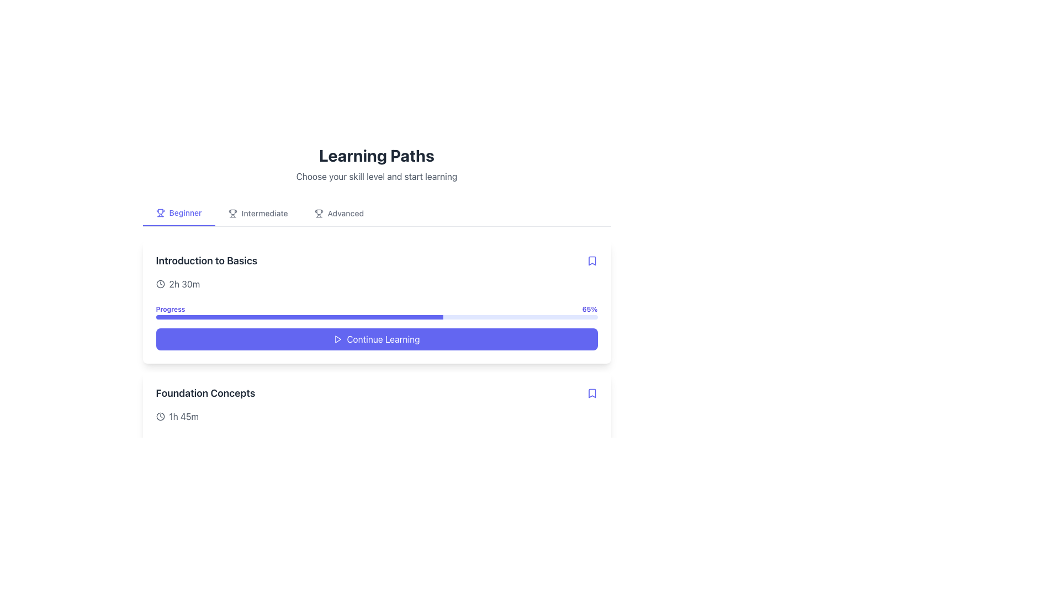 Image resolution: width=1060 pixels, height=596 pixels. Describe the element at coordinates (377, 317) in the screenshot. I see `the progress bar element, which is styled with a light indigo outer layer and a blue-filled portion indicating 65% completion, located below the text label 'Progress'` at that location.